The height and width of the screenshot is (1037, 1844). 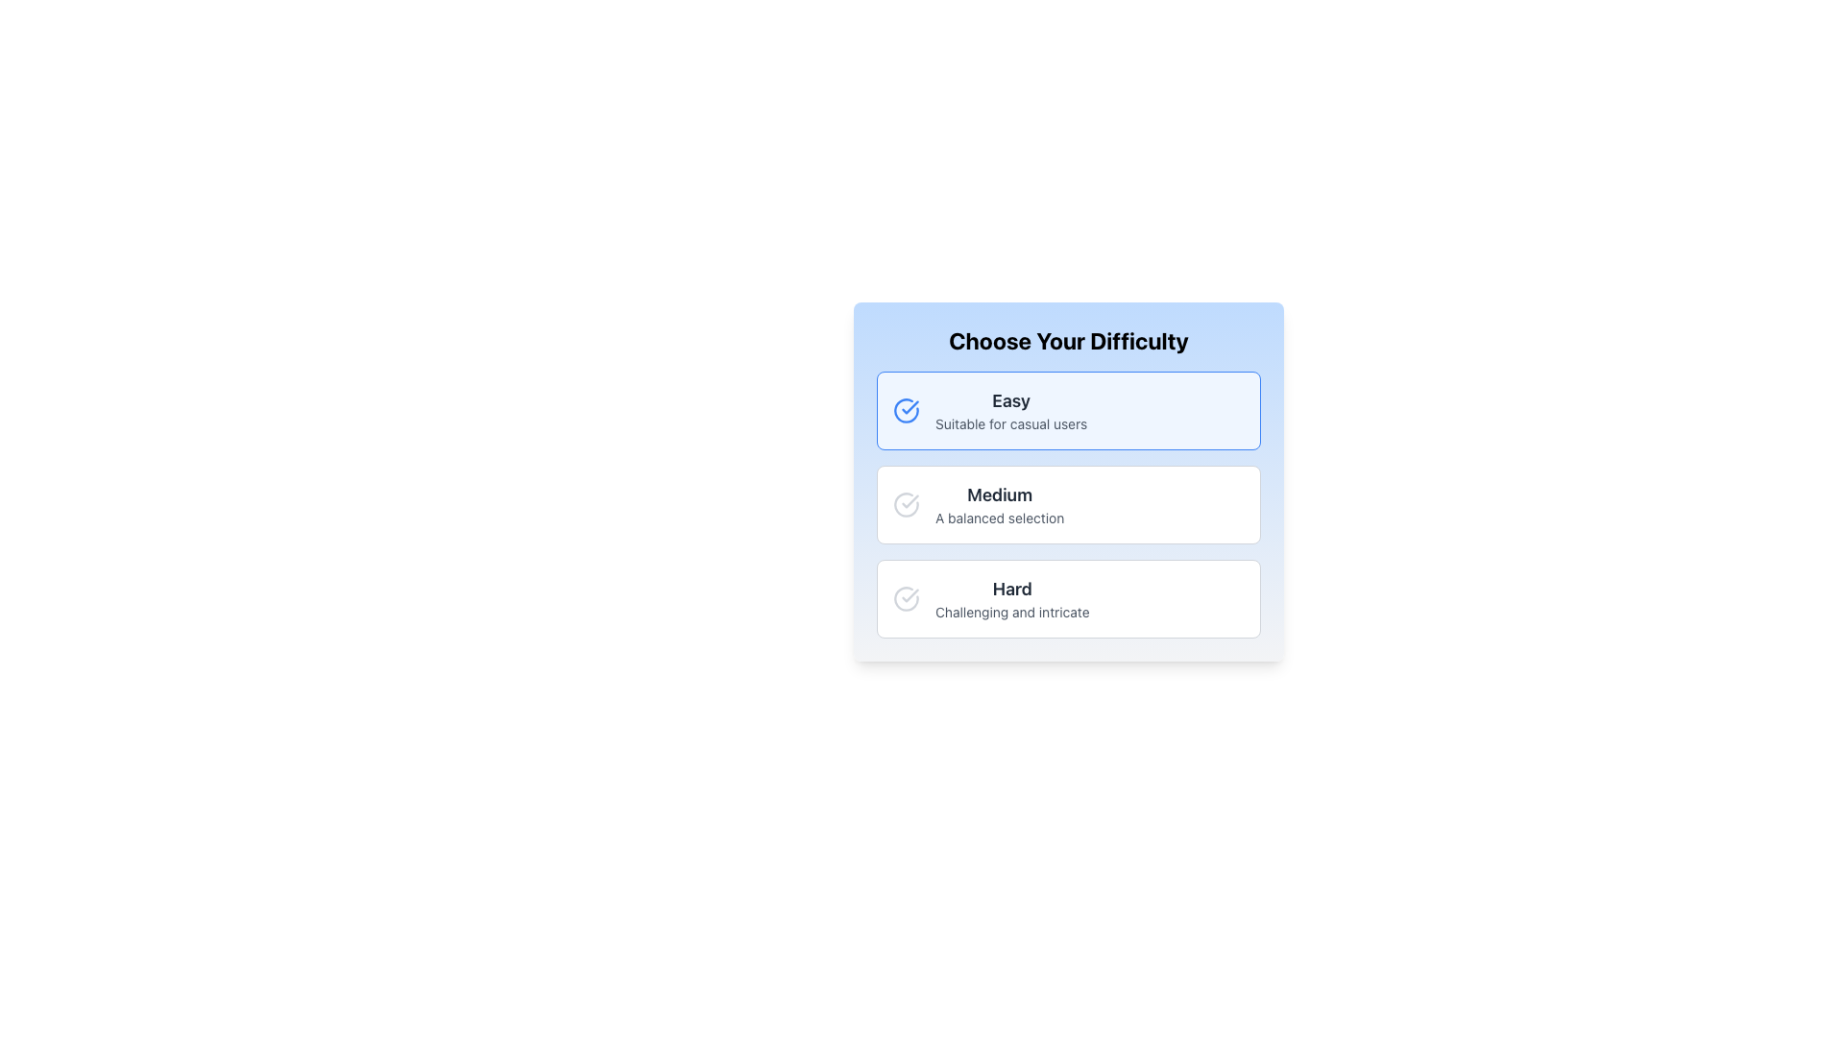 I want to click on the text label providing additional descriptive information ('A balanced selection') about the 'Medium' option, located directly below the 'Medium' title in the difficulty options list, so click(x=999, y=518).